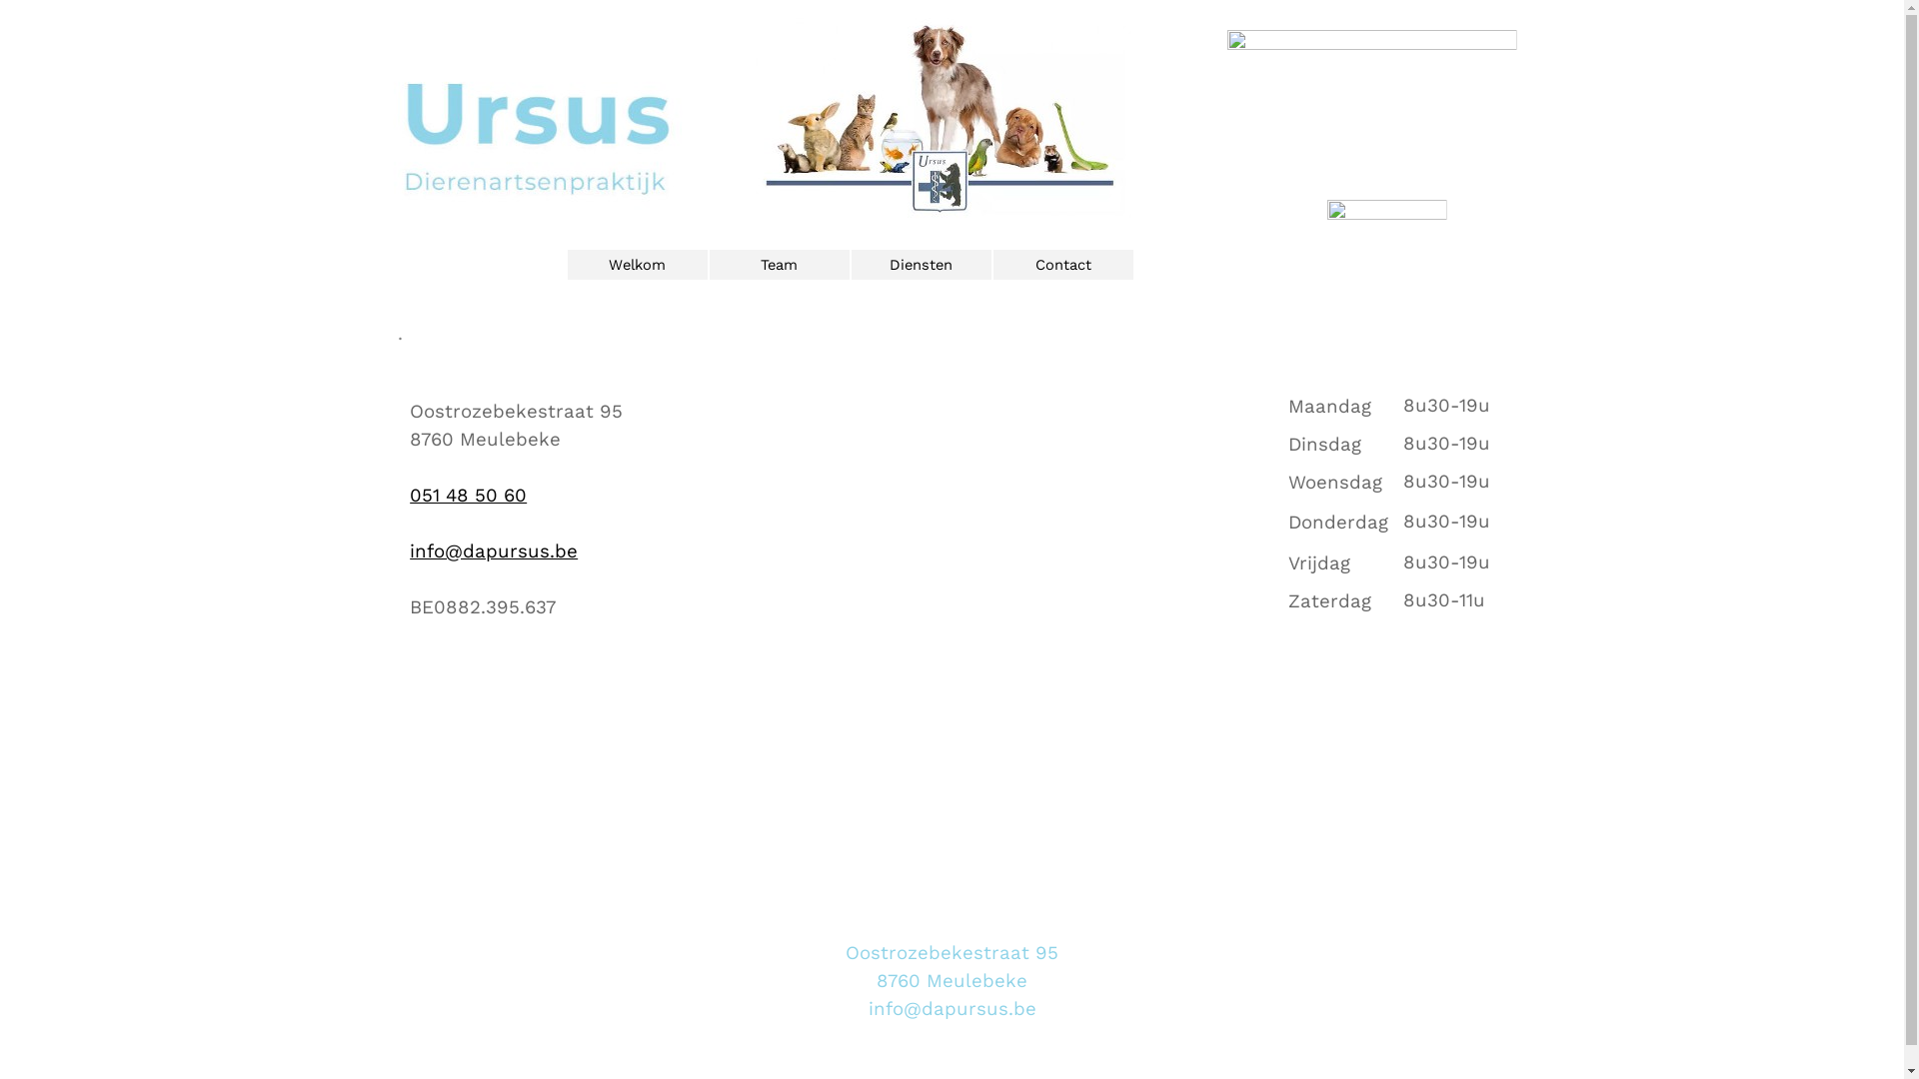 This screenshot has width=1919, height=1079. What do you see at coordinates (1060, 264) in the screenshot?
I see `'Contact'` at bounding box center [1060, 264].